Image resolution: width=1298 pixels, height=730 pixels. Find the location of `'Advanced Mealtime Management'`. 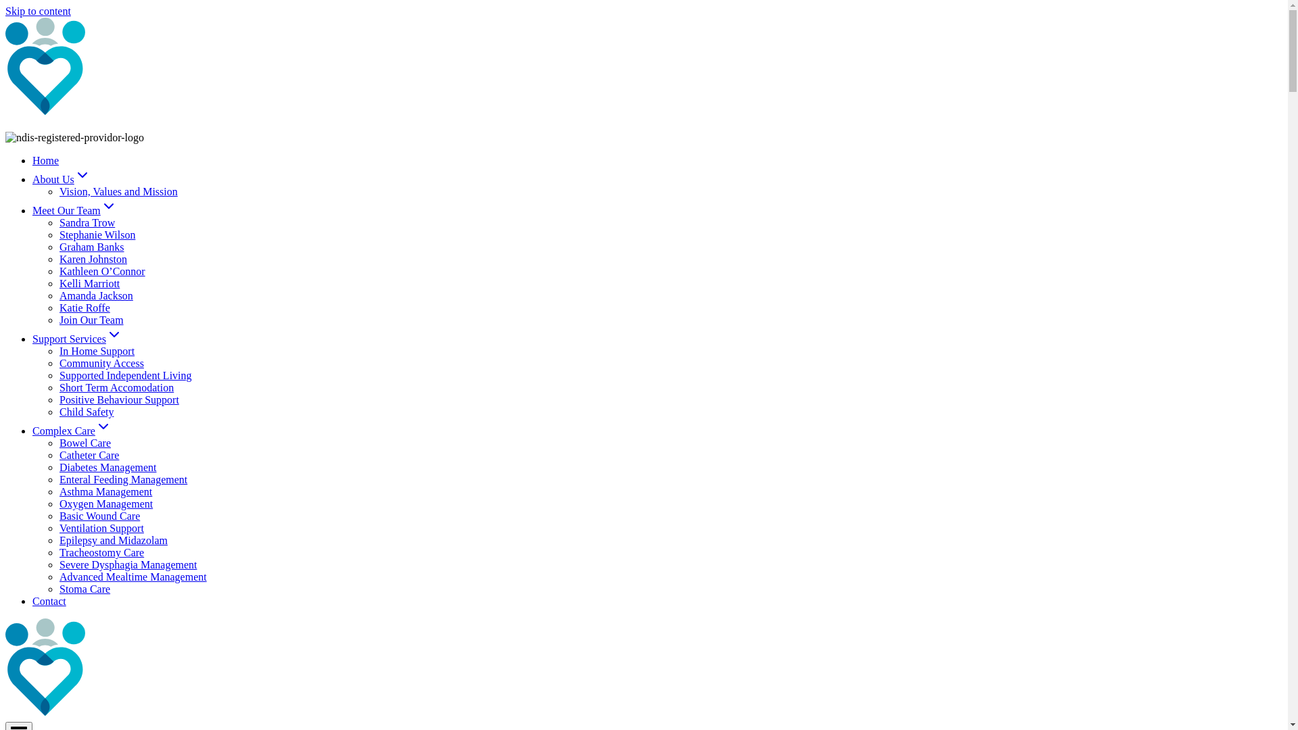

'Advanced Mealtime Management' is located at coordinates (133, 577).